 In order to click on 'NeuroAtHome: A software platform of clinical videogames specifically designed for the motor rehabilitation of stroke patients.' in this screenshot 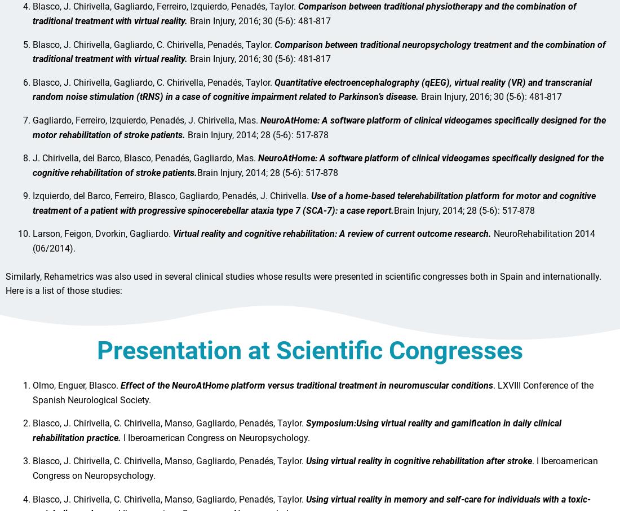, I will do `click(318, 132)`.